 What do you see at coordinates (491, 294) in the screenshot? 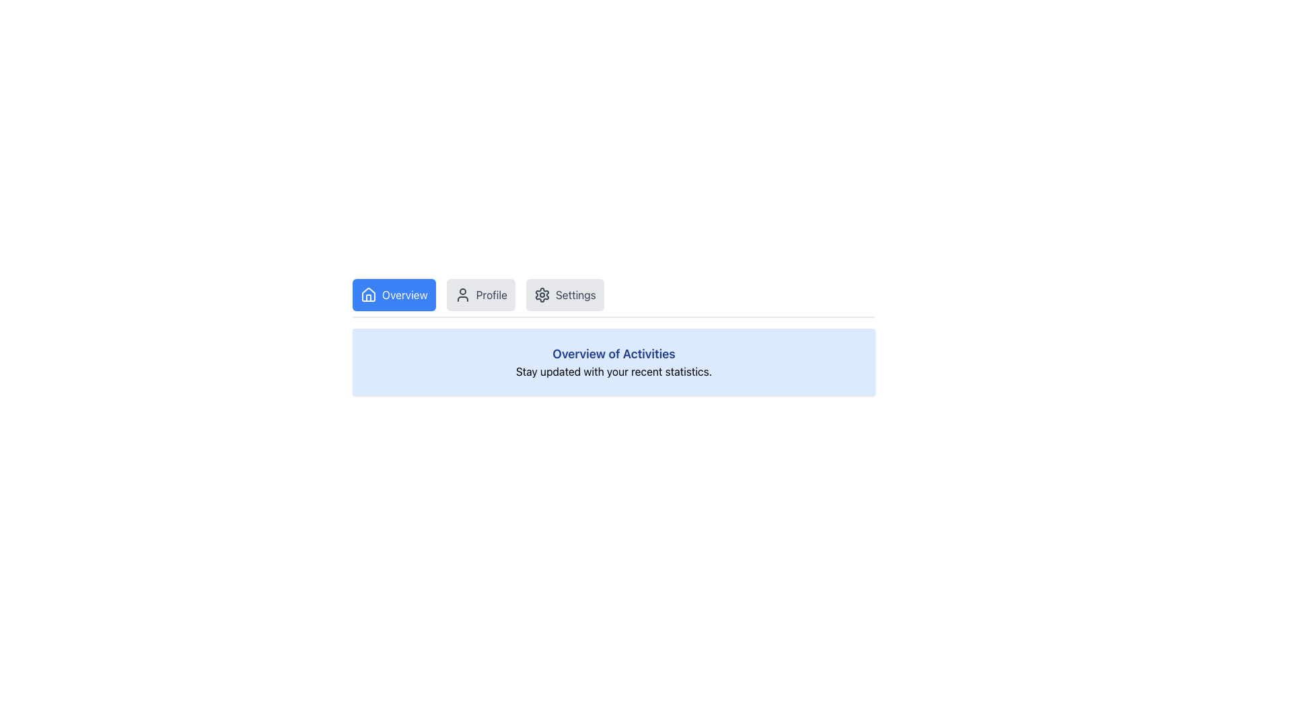
I see `the 'Profile' button in the navigation menu to navigate to the profile section` at bounding box center [491, 294].